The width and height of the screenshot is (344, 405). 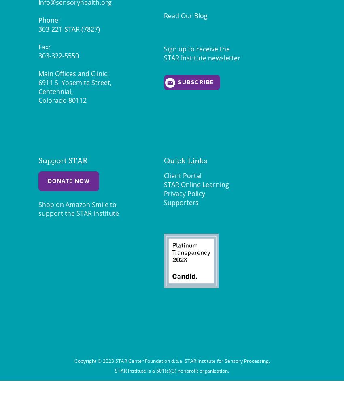 I want to click on 'Colorado 80112', so click(x=62, y=100).